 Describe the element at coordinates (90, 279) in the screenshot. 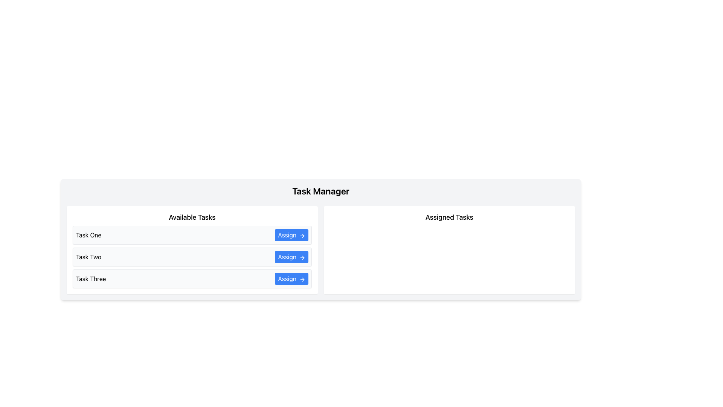

I see `the Text Label displaying 'Task Three', which is positioned under the 'Available Tasks' section and is the third task listed` at that location.